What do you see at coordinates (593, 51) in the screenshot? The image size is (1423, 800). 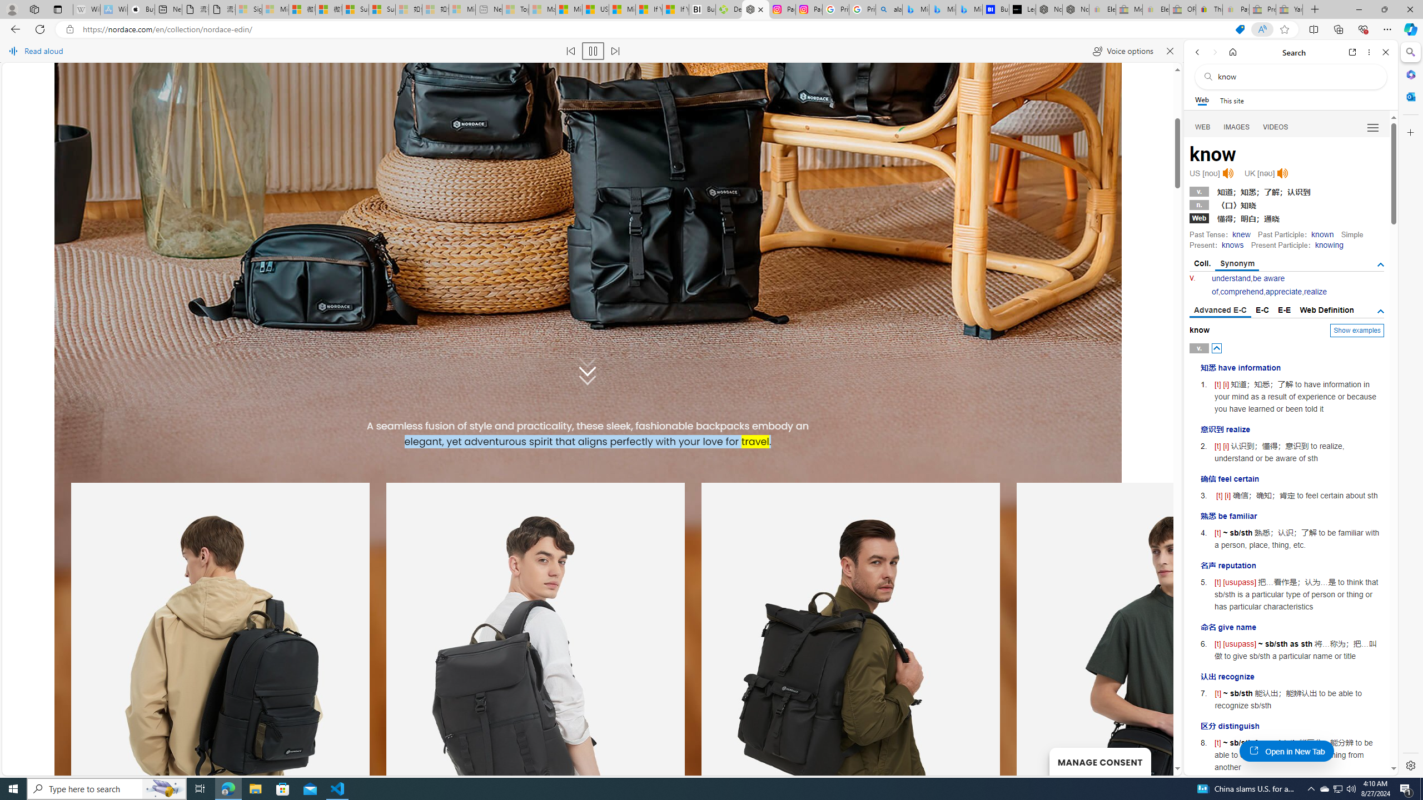 I see `'Pause read aloud (Ctrl+Shift+U)'` at bounding box center [593, 51].